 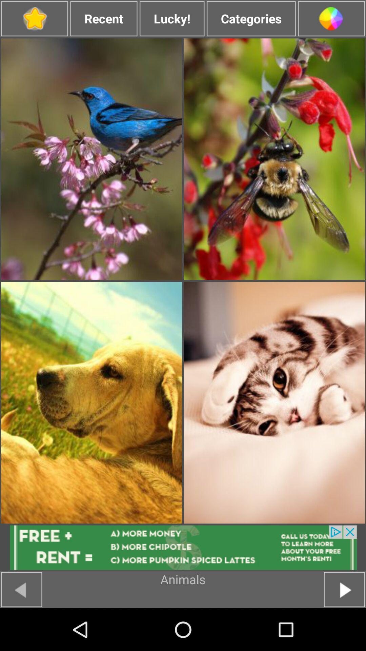 I want to click on autoplay option, so click(x=344, y=589).